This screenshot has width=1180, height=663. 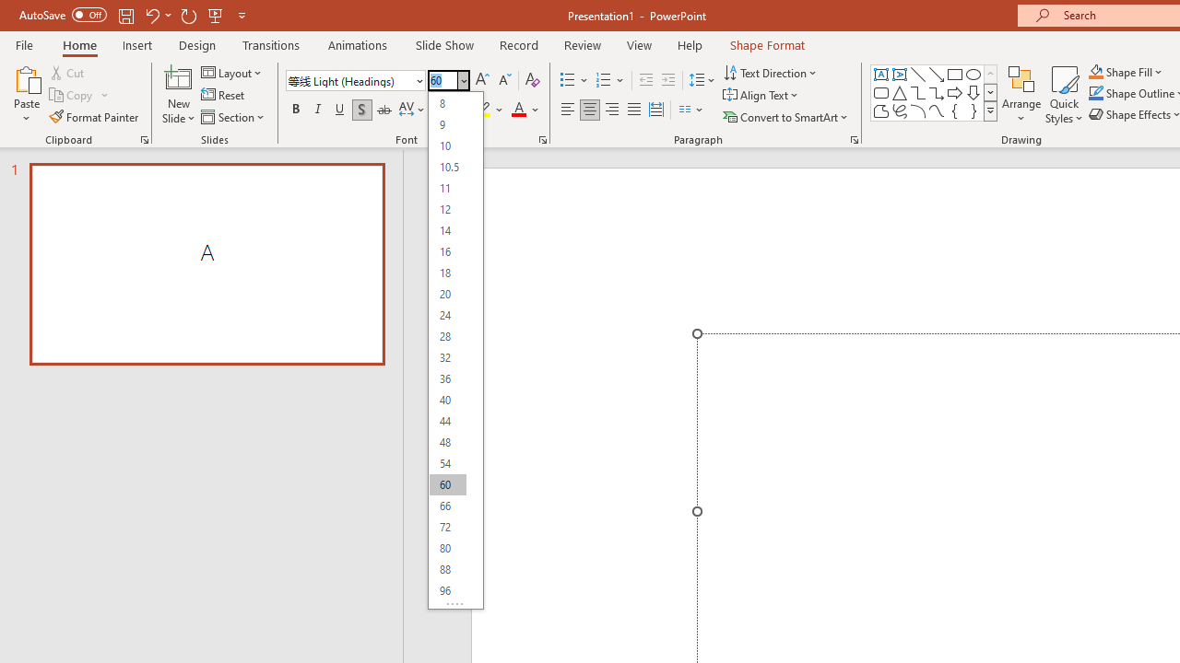 What do you see at coordinates (447, 145) in the screenshot?
I see `'10'` at bounding box center [447, 145].